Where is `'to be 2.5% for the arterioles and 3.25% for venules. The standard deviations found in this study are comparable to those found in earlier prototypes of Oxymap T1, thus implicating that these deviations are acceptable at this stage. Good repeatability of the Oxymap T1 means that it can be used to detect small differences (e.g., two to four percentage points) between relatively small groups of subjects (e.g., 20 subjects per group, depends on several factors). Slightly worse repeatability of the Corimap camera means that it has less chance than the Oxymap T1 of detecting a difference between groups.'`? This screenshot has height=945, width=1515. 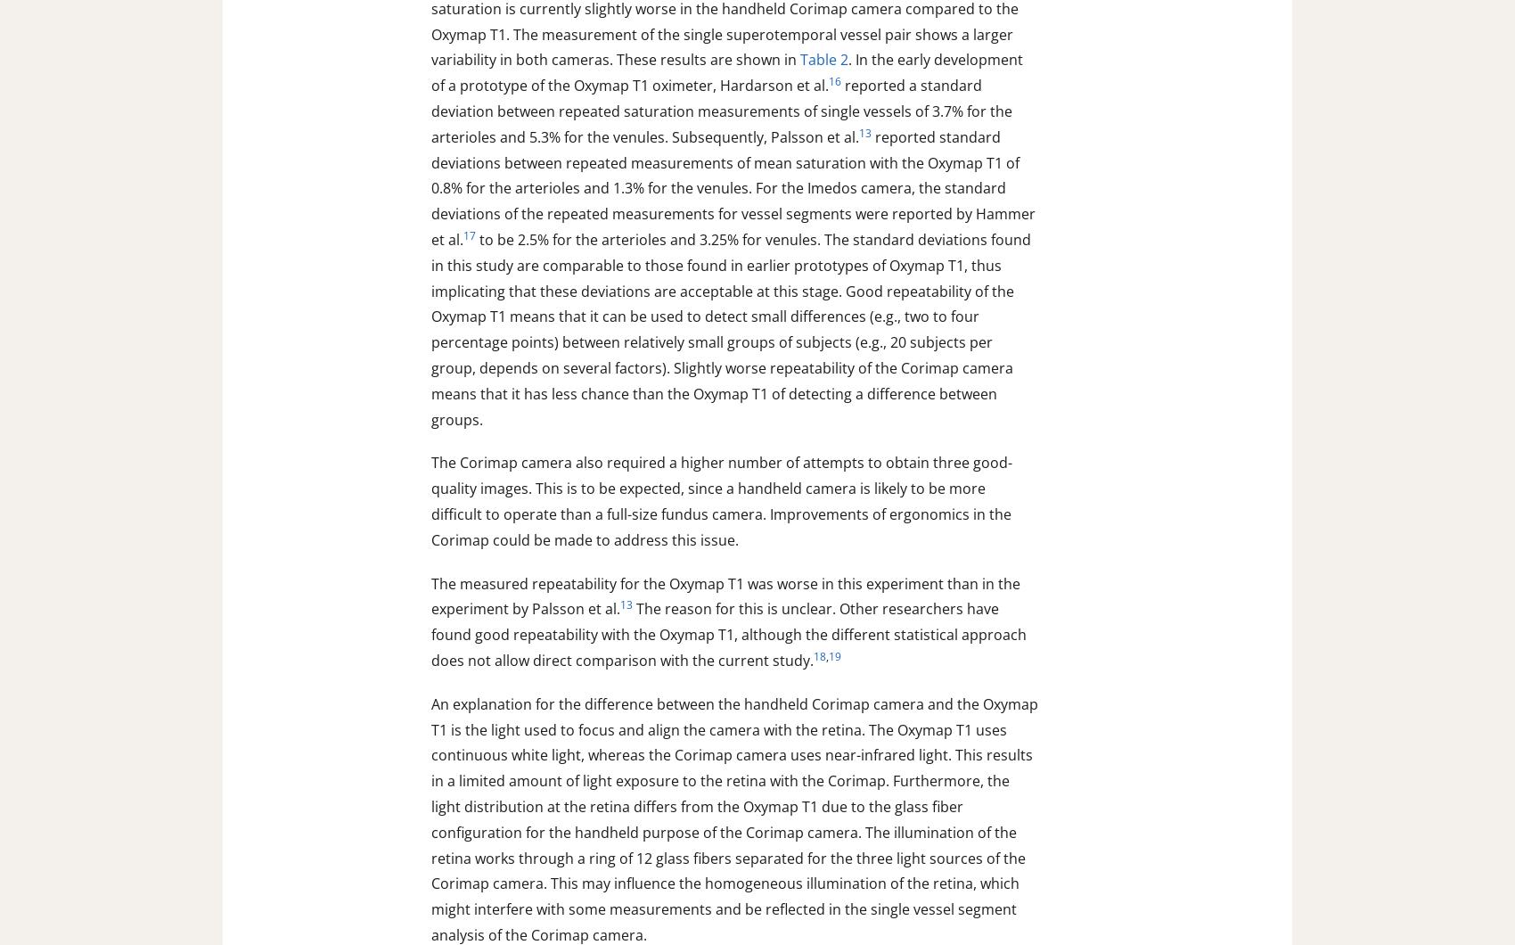 'to be 2.5% for the arterioles and 3.25% for venules. The standard deviations found in this study are comparable to those found in earlier prototypes of Oxymap T1, thus implicating that these deviations are acceptable at this stage. Good repeatability of the Oxymap T1 means that it can be used to detect small differences (e.g., two to four percentage points) between relatively small groups of subjects (e.g., 20 subjects per group, depends on several factors). Slightly worse repeatability of the Corimap camera means that it has less chance than the Oxymap T1 of detecting a difference between groups.' is located at coordinates (430, 329).